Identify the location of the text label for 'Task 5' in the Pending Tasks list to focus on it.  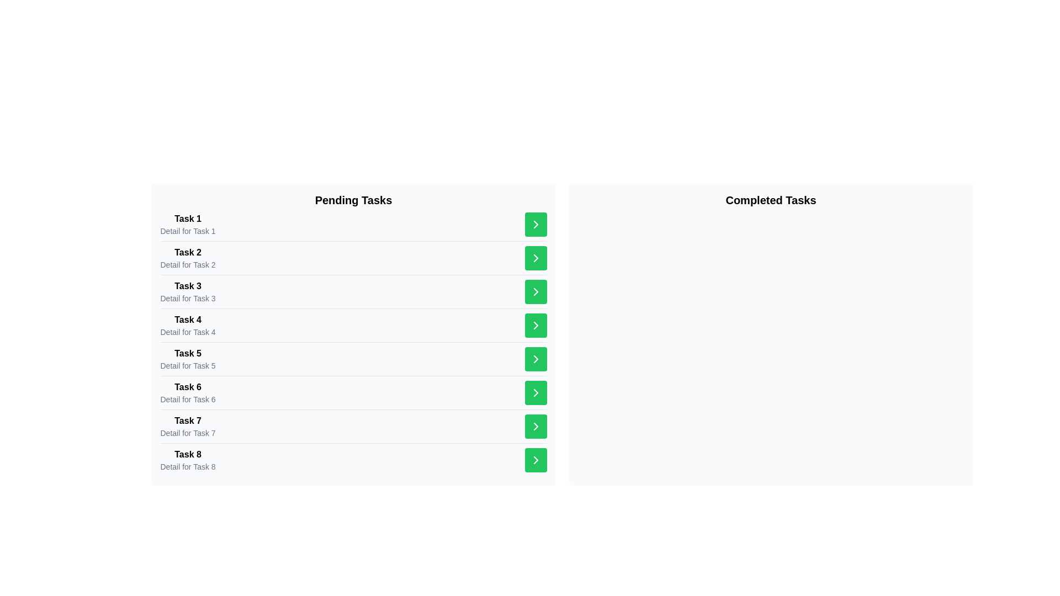
(188, 353).